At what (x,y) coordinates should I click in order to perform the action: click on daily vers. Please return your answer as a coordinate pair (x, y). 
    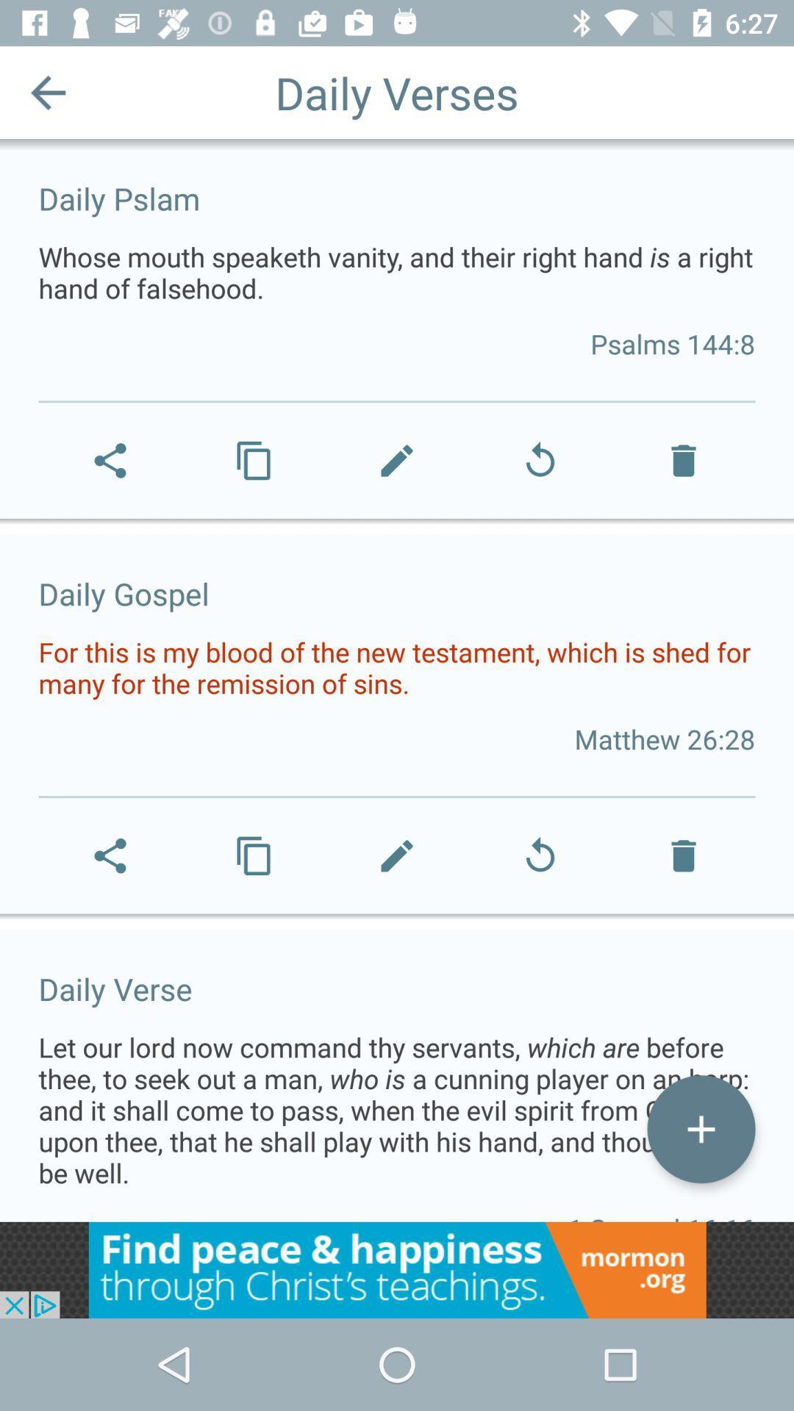
    Looking at the image, I should click on (700, 1128).